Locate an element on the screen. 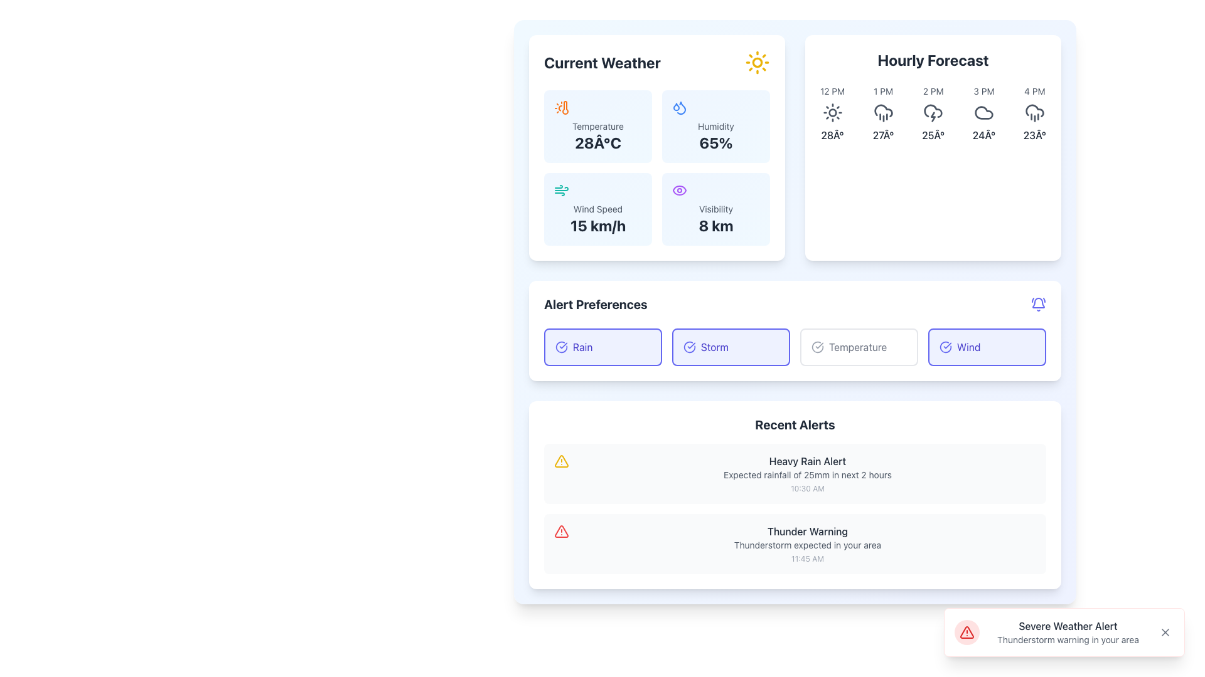  the text display showing '15 km/h' which is styled to stand out as a key metric for wind speed is located at coordinates (597, 224).